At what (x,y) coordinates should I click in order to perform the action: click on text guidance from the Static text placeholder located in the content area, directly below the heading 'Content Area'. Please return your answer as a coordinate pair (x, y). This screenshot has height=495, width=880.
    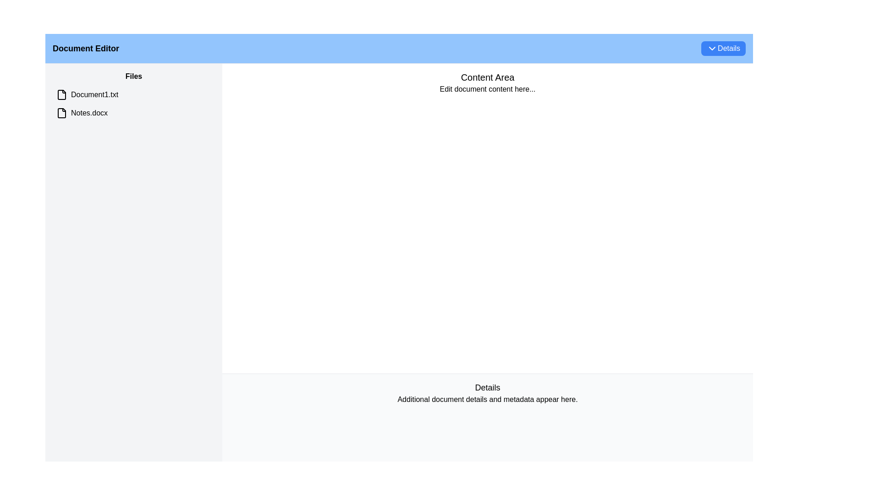
    Looking at the image, I should click on (487, 89).